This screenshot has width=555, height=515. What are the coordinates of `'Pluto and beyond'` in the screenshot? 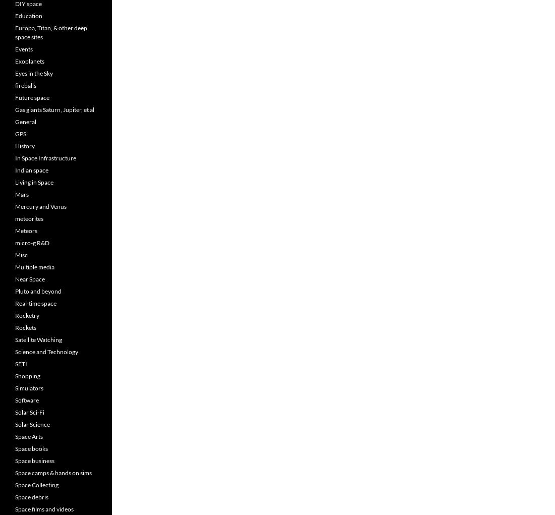 It's located at (38, 291).